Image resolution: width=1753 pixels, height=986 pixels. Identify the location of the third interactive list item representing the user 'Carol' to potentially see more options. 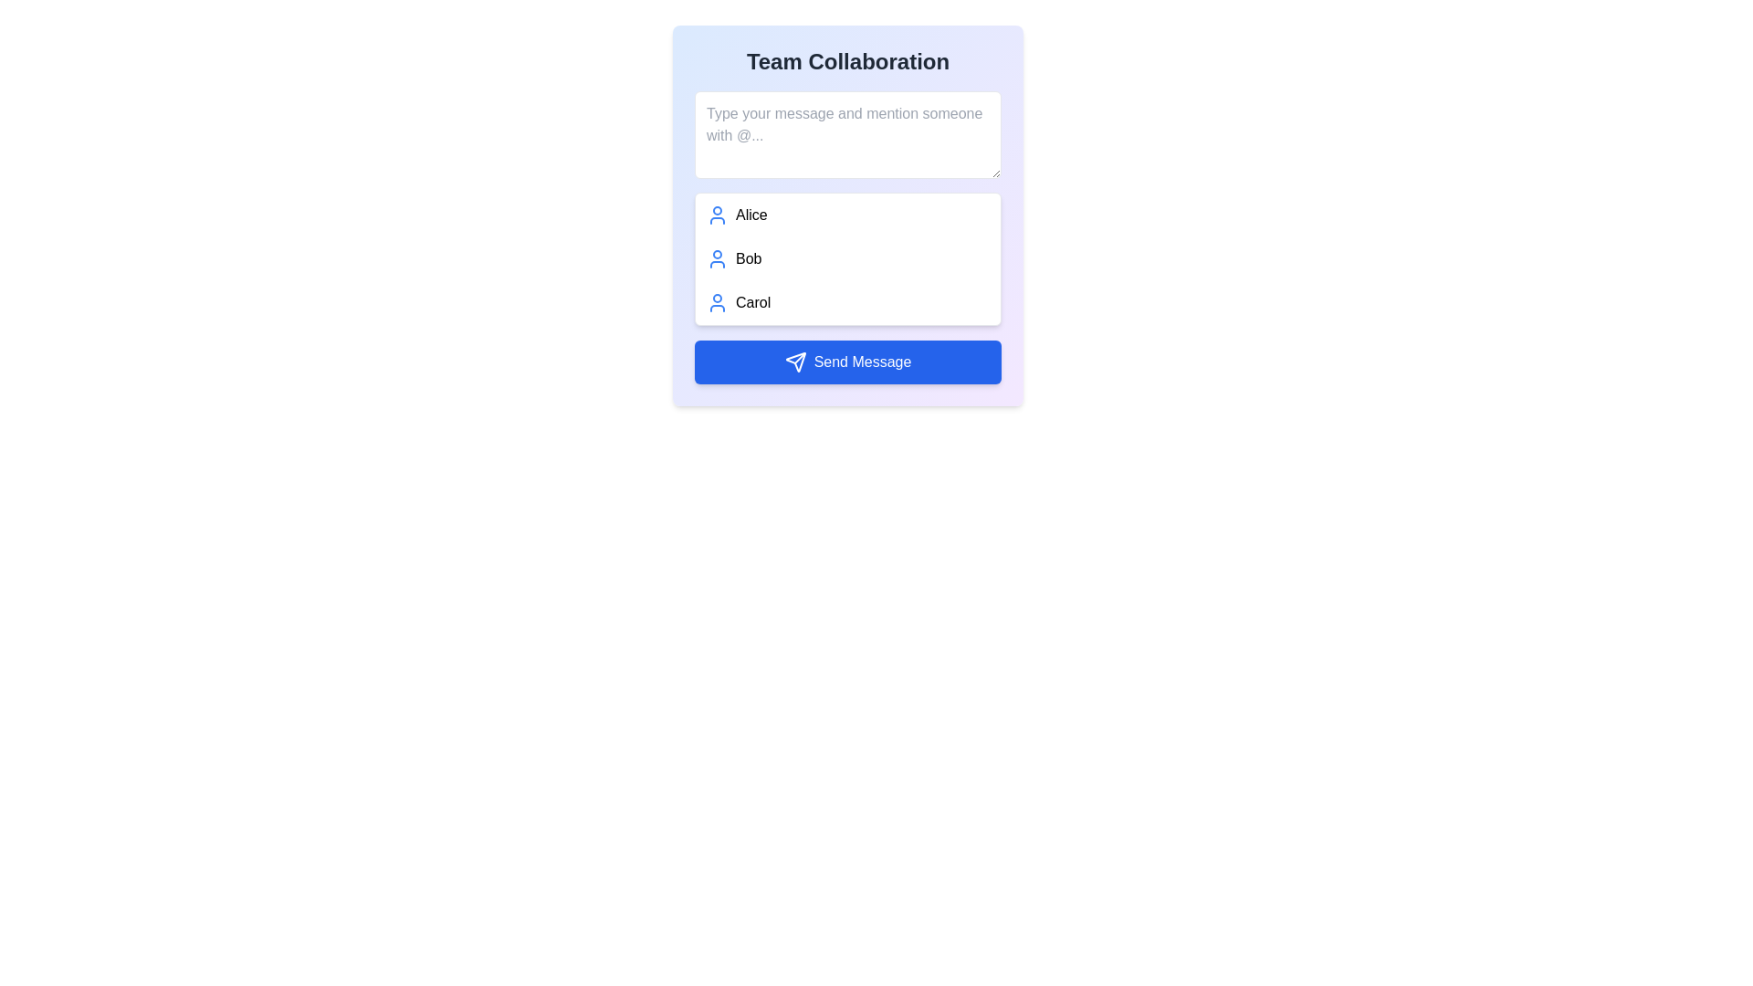
(847, 301).